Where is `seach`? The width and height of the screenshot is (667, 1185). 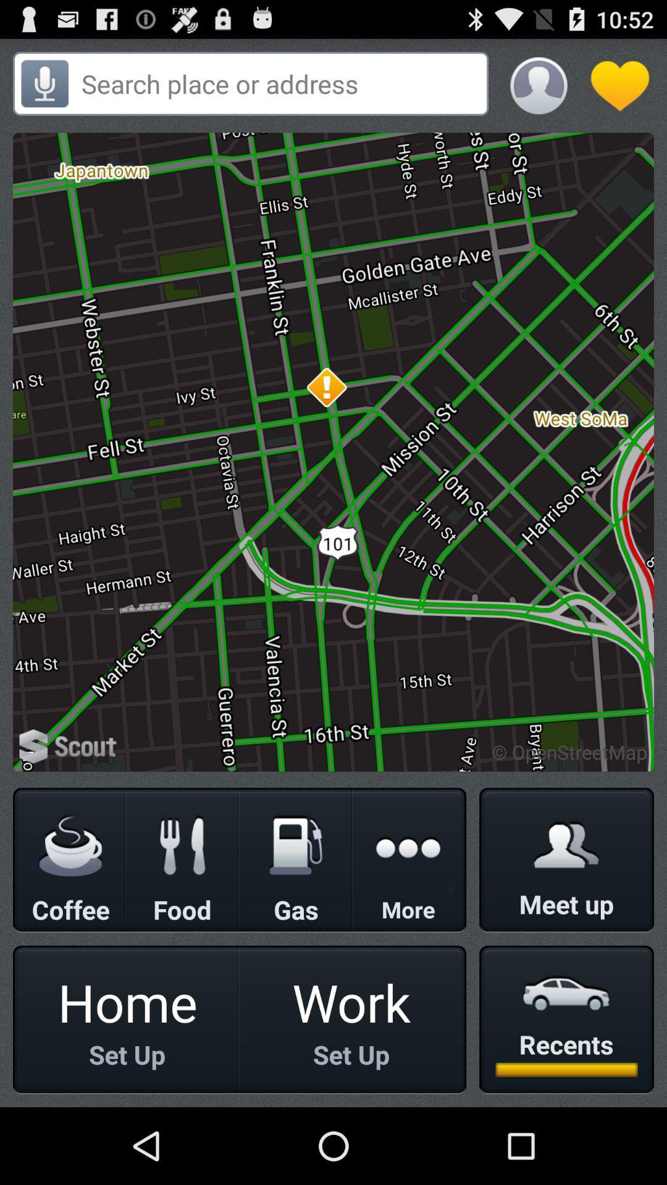 seach is located at coordinates (280, 83).